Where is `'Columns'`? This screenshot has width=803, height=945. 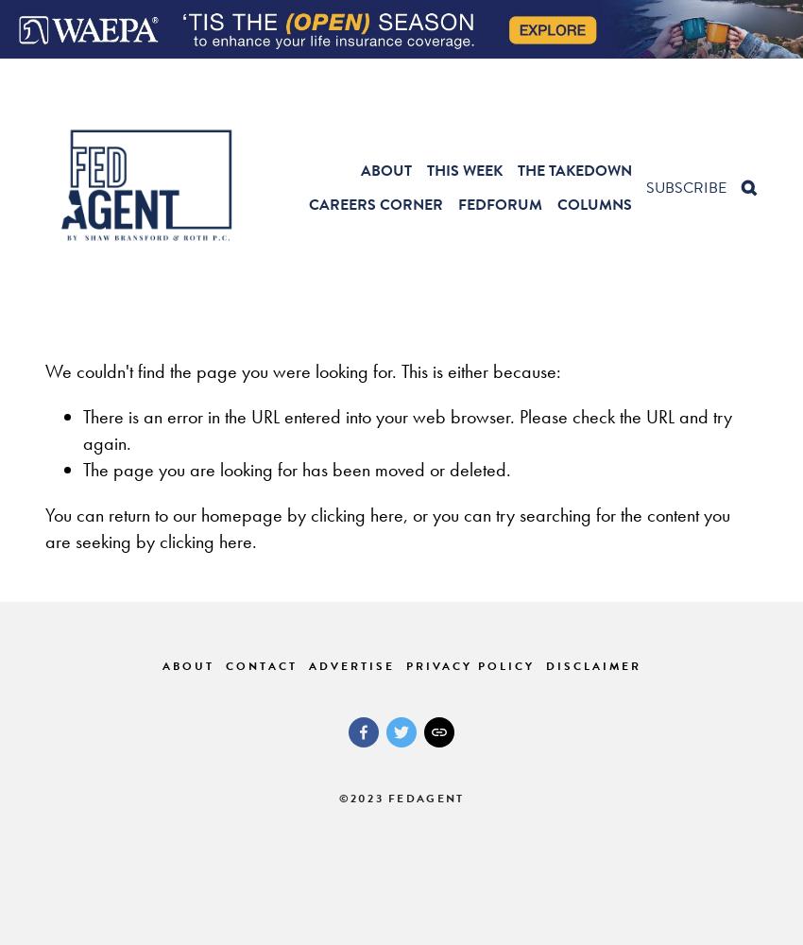 'Columns' is located at coordinates (593, 203).